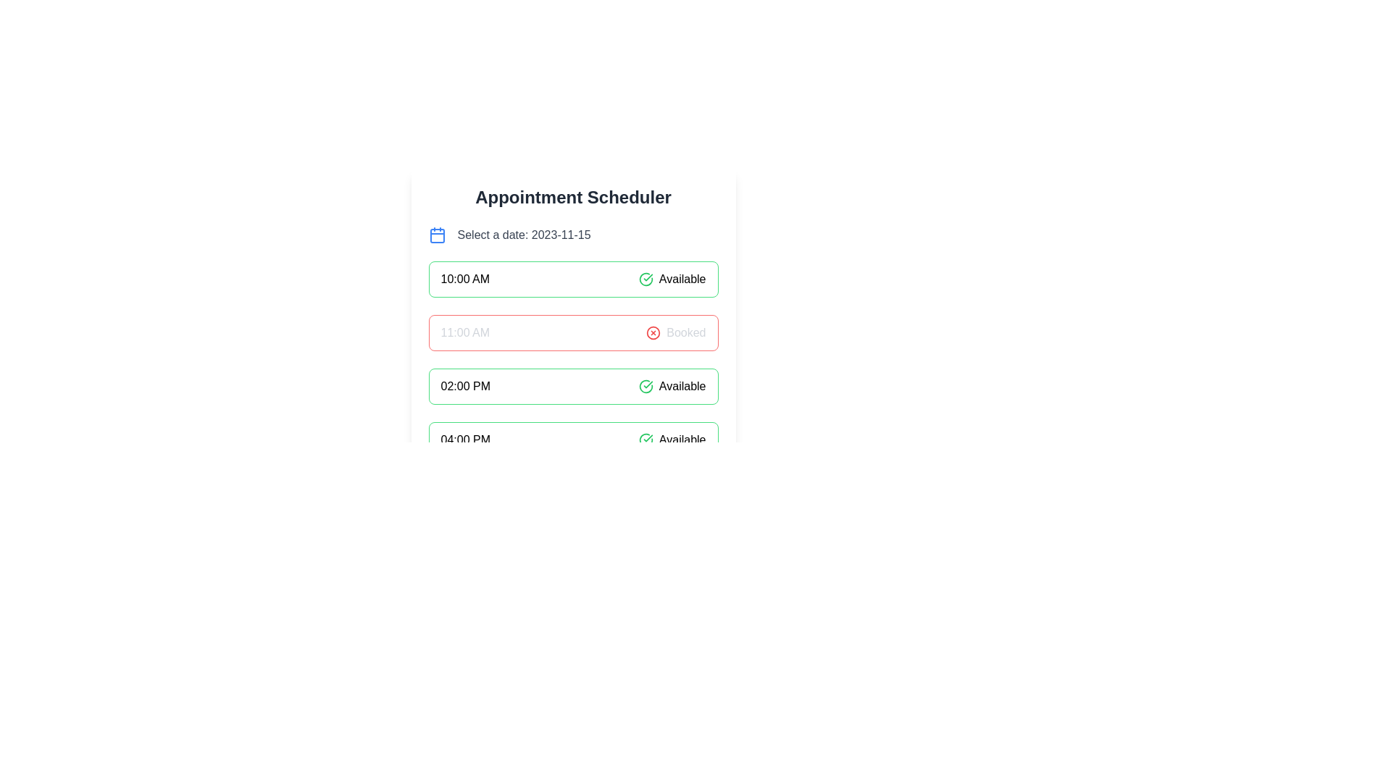 This screenshot has width=1391, height=782. I want to click on the 'Booked' status icon located to the left of the 'Booked' text in the 11:00 AM time slot, which is the second entry in a vertical sequence, so click(653, 332).